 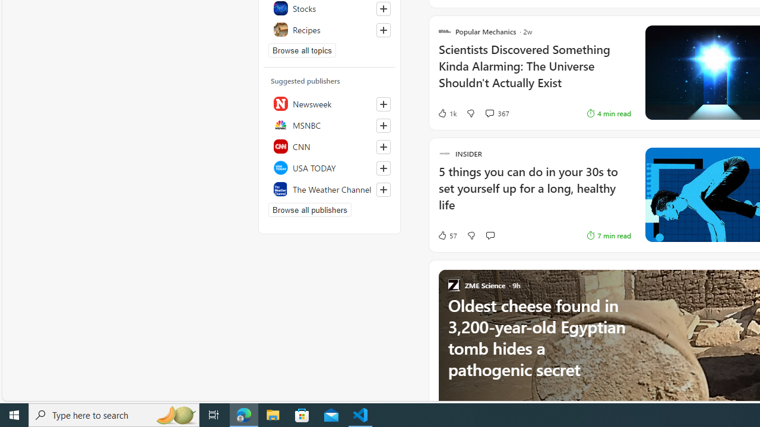 I want to click on 'Browse all publishers', so click(x=309, y=209).